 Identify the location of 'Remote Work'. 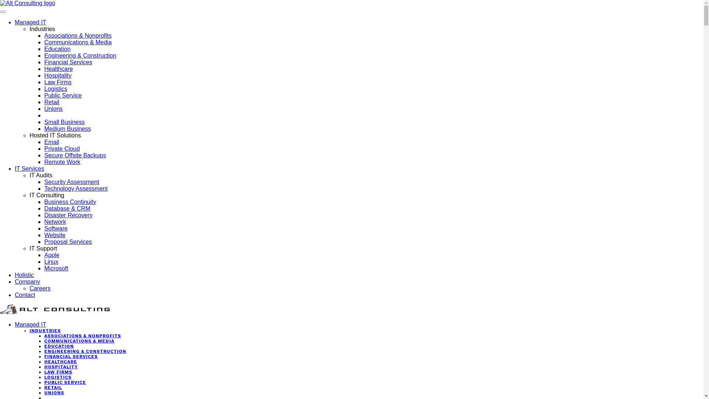
(62, 161).